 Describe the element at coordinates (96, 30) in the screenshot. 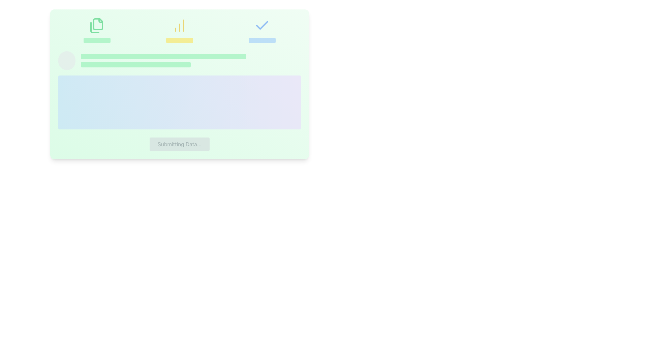

I see `the file-related actions icon in the left-most column of the grid layout to trigger the tooltip or animation` at that location.